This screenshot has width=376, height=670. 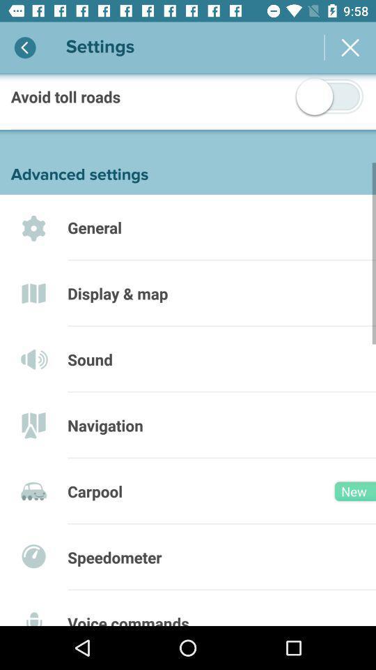 What do you see at coordinates (33, 565) in the screenshot?
I see `the sixth icon` at bounding box center [33, 565].